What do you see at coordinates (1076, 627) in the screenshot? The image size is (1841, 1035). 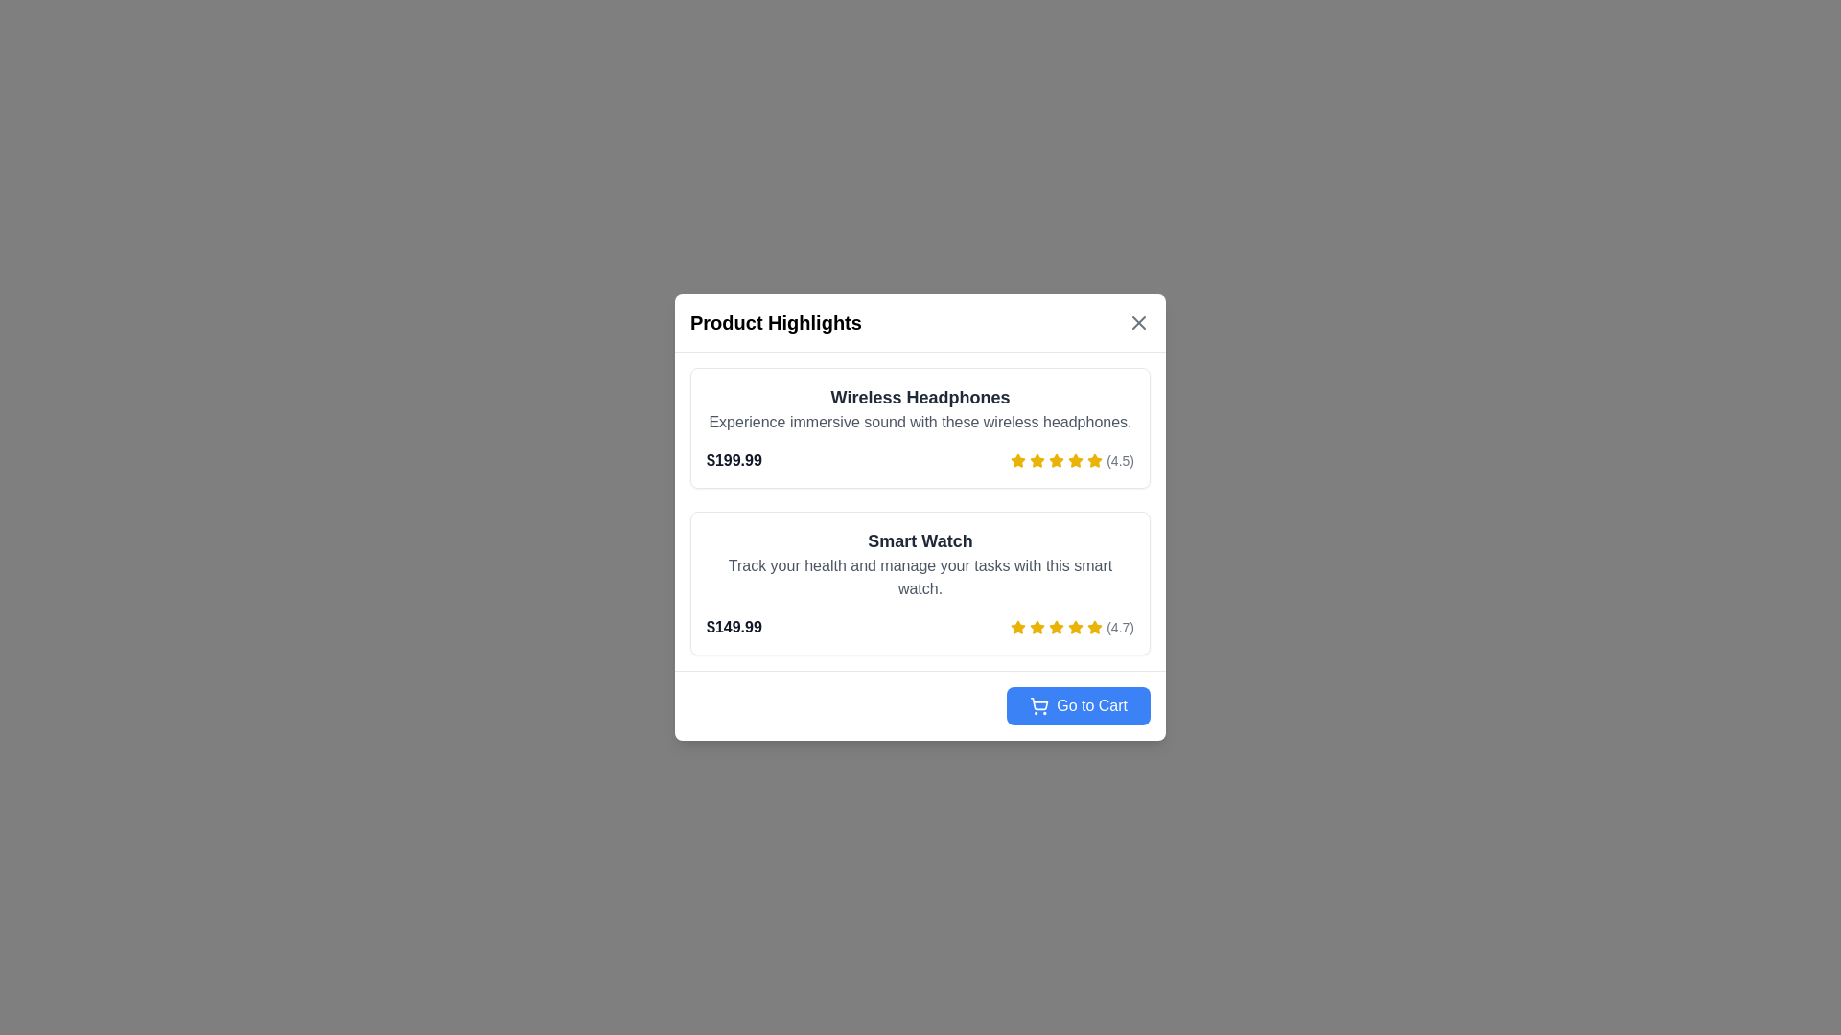 I see `the fifth star icon in the rating system for the 'Smart Watch' product to interact with it` at bounding box center [1076, 627].